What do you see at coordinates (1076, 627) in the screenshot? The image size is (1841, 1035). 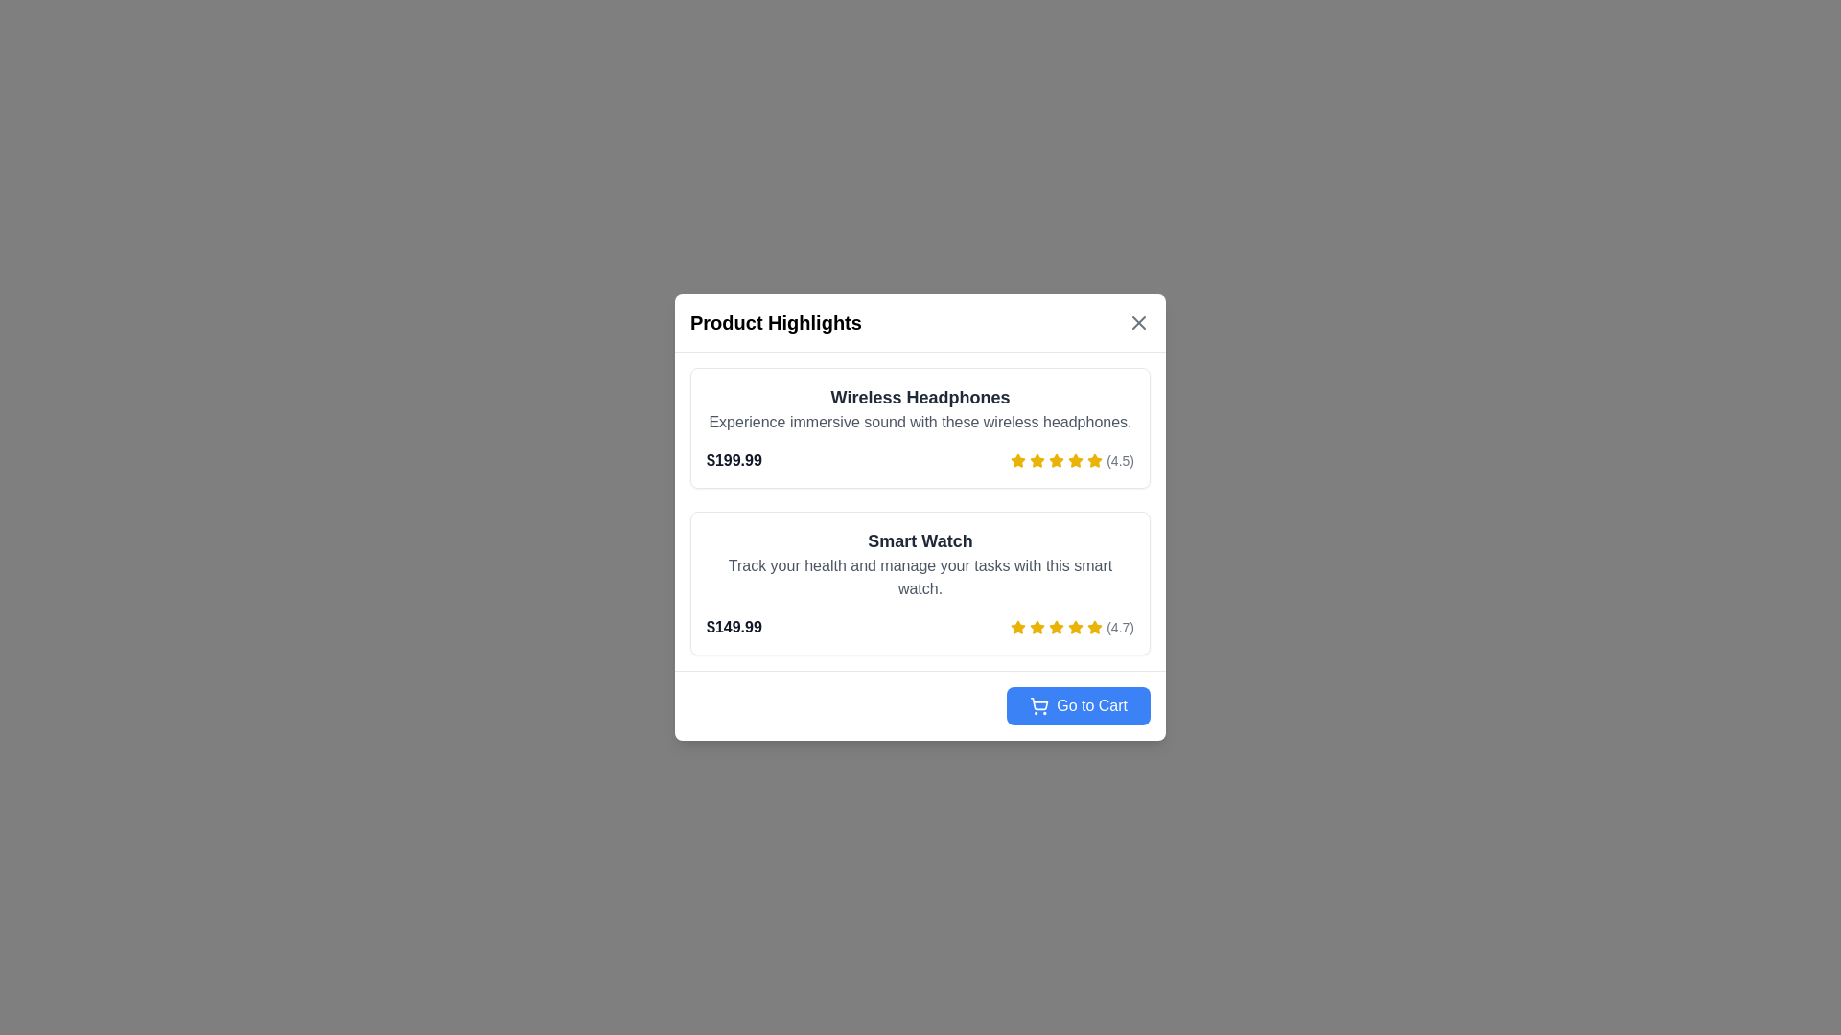 I see `the fifth star icon in the rating system for the 'Smart Watch' product to interact with it` at bounding box center [1076, 627].